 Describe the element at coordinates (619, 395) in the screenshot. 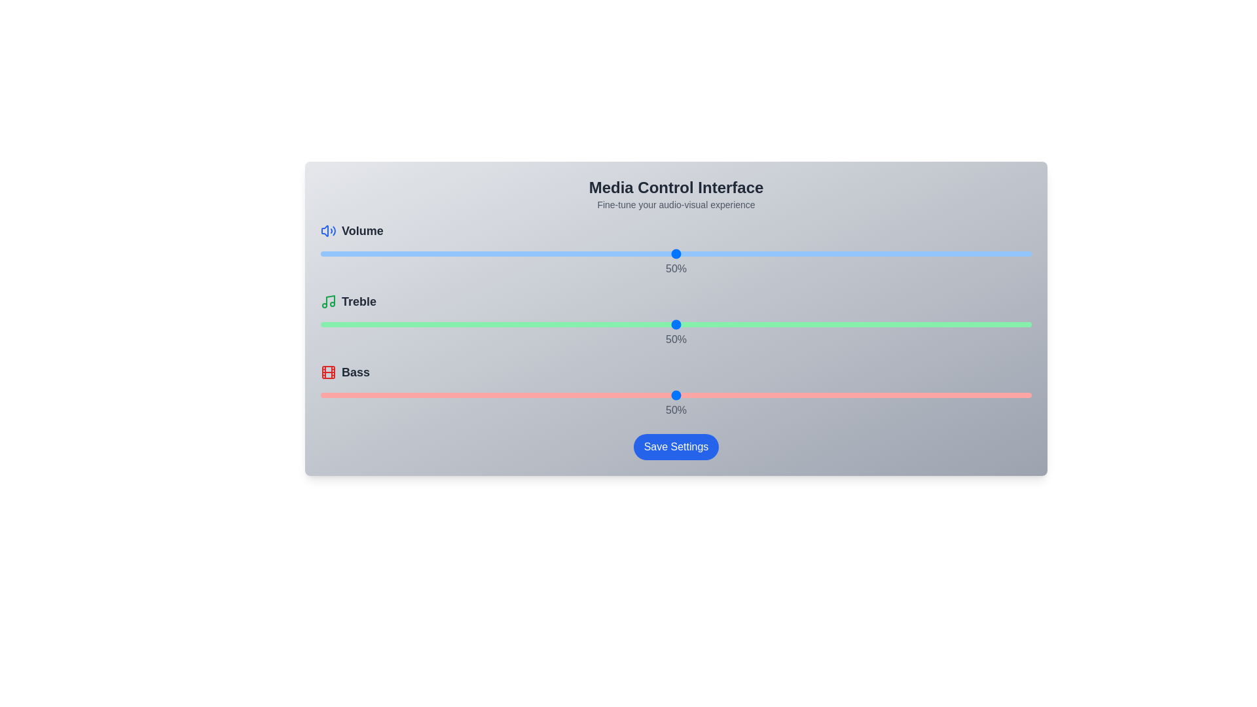

I see `bass level` at that location.